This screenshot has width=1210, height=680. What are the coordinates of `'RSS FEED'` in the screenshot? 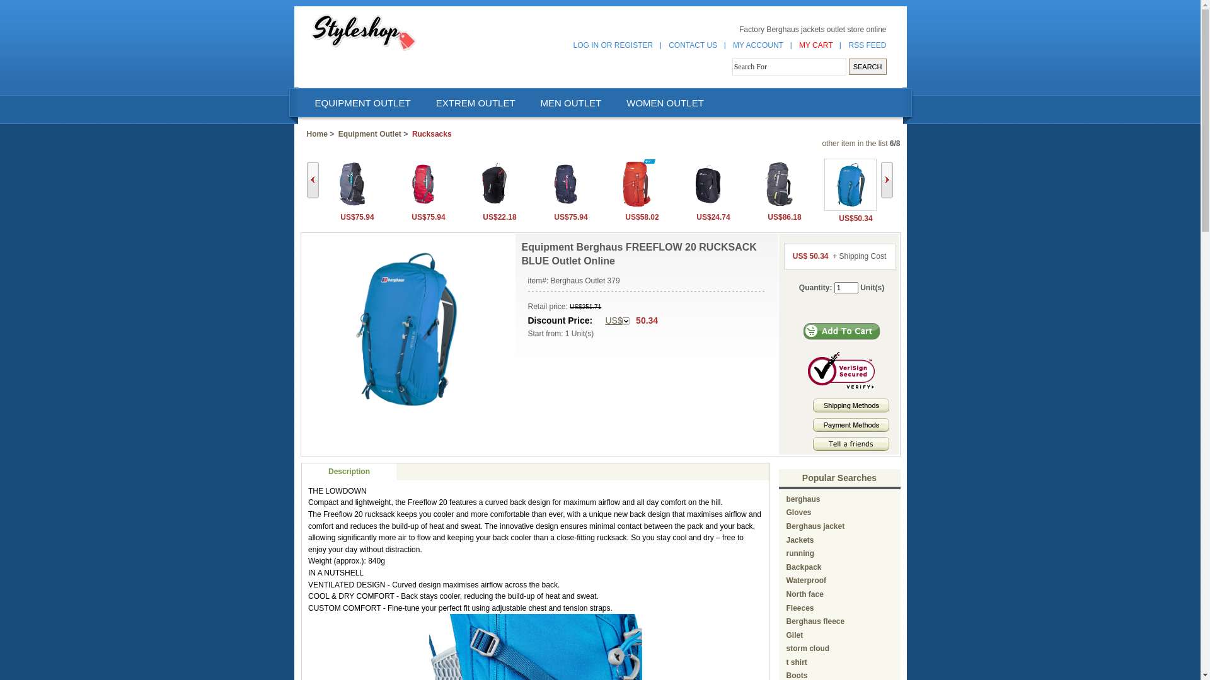 It's located at (867, 45).